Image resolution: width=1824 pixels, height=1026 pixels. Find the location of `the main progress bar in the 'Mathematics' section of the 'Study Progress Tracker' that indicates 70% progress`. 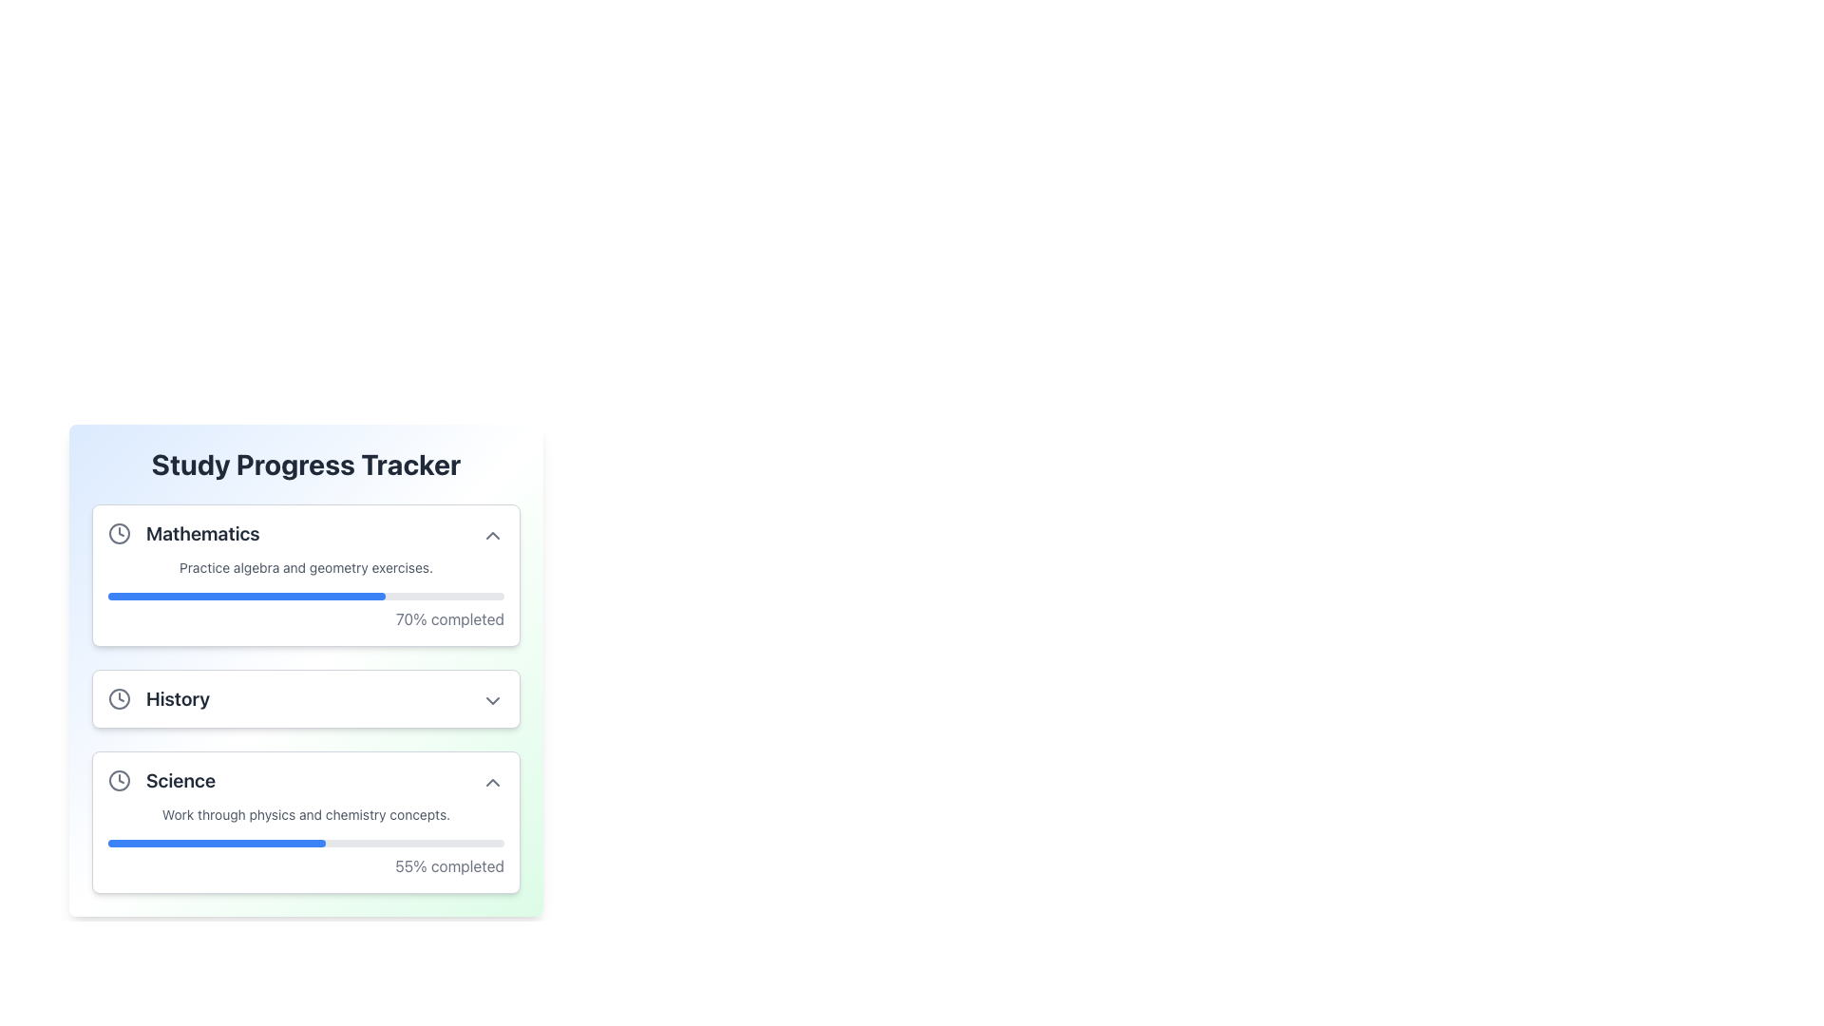

the main progress bar in the 'Mathematics' section of the 'Study Progress Tracker' that indicates 70% progress is located at coordinates (306, 596).